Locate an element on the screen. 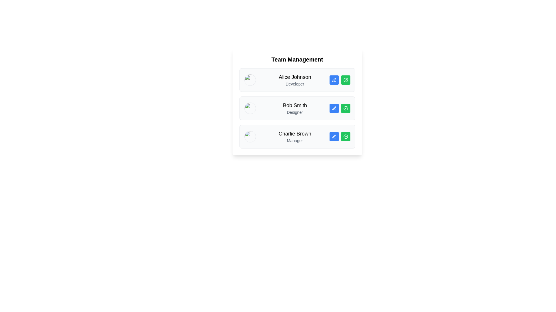 This screenshot has height=312, width=556. the circular avatar placeholder image for 'Alice Johnson Developer' is located at coordinates (250, 80).